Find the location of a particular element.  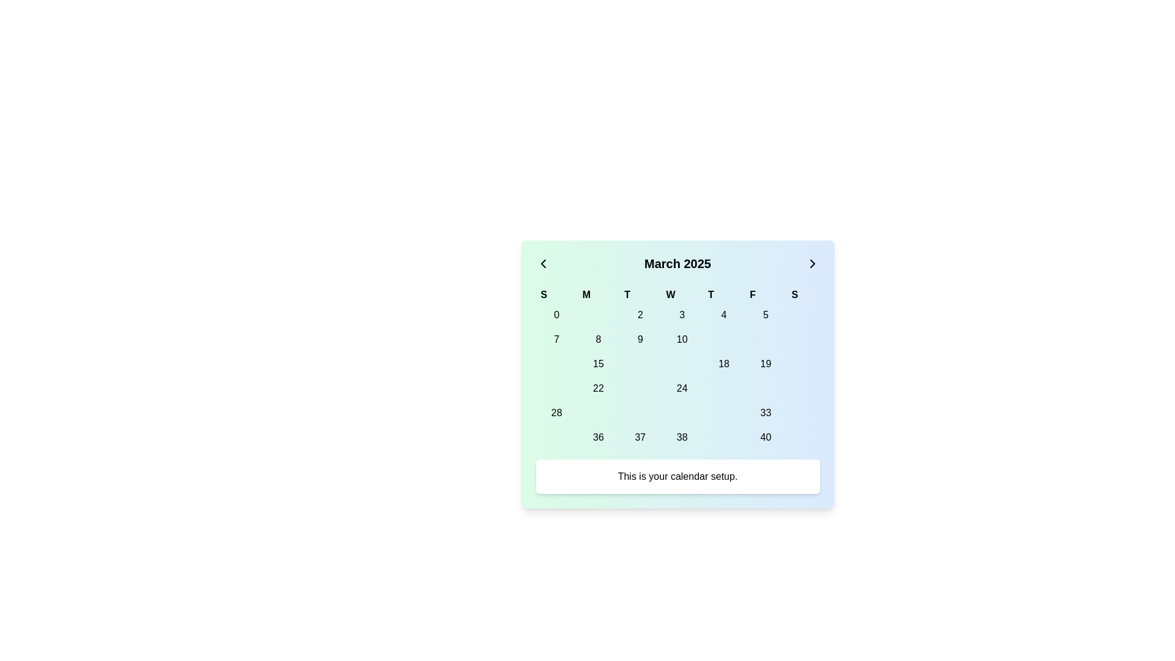

to select multiple dates from the Selector for calendar days located in the third row of the calendar grid is located at coordinates (677, 363).